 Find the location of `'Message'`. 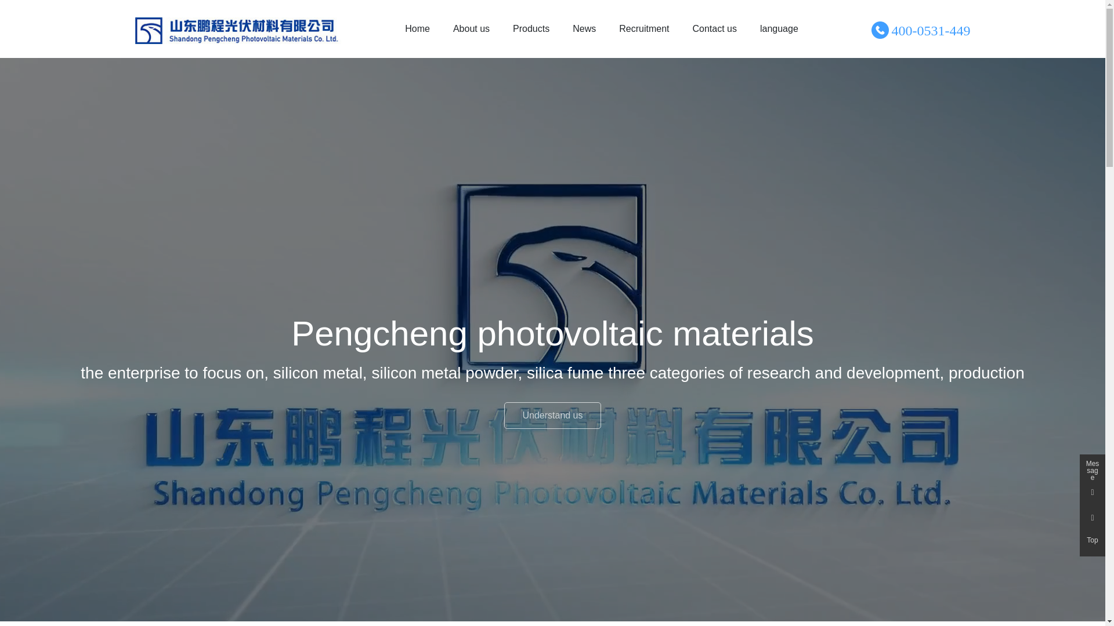

'Message' is located at coordinates (1091, 467).